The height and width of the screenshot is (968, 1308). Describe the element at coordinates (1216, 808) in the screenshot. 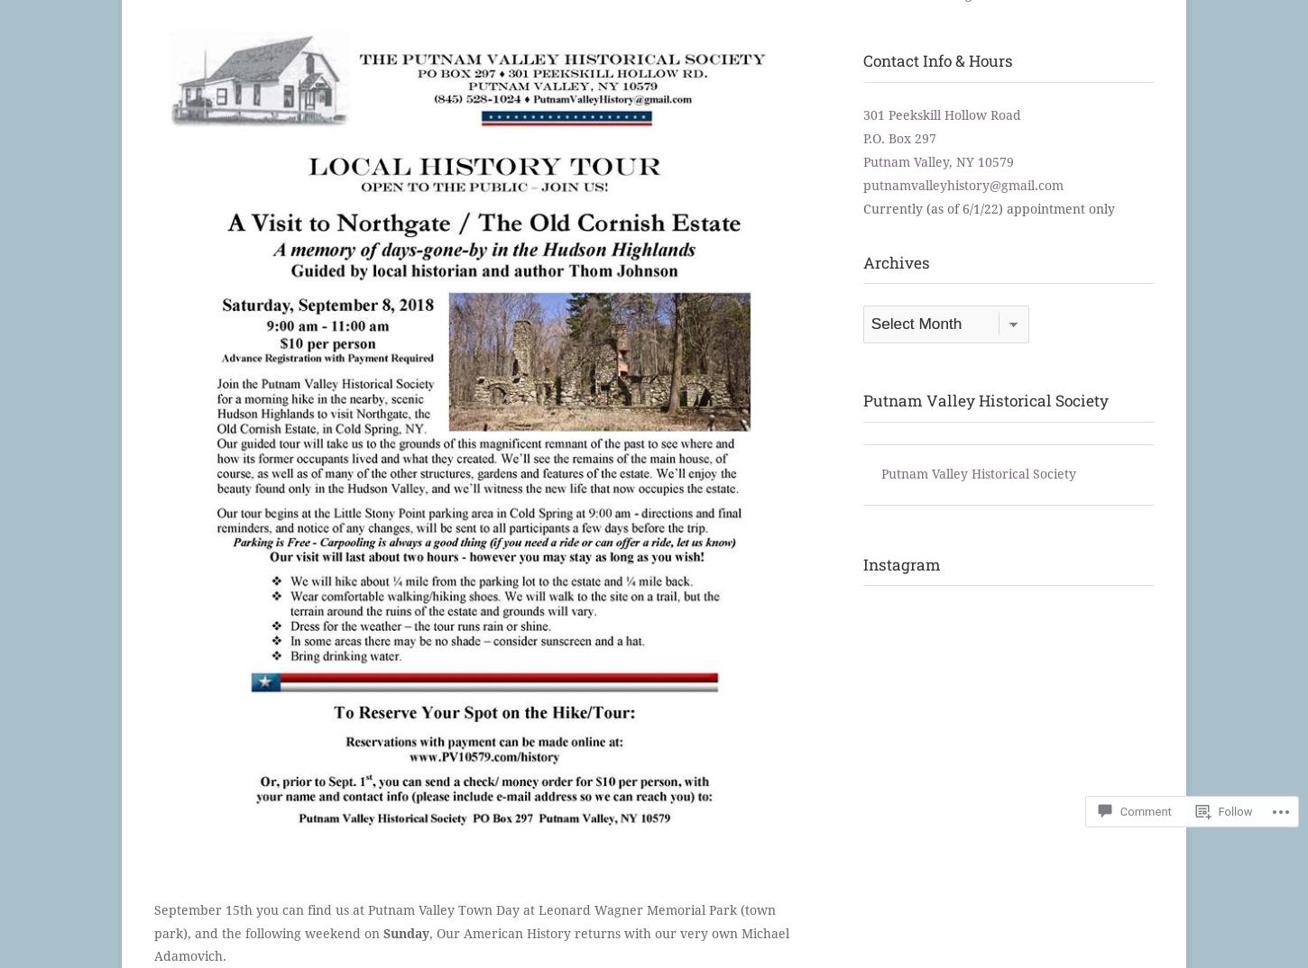

I see `'Follow'` at that location.